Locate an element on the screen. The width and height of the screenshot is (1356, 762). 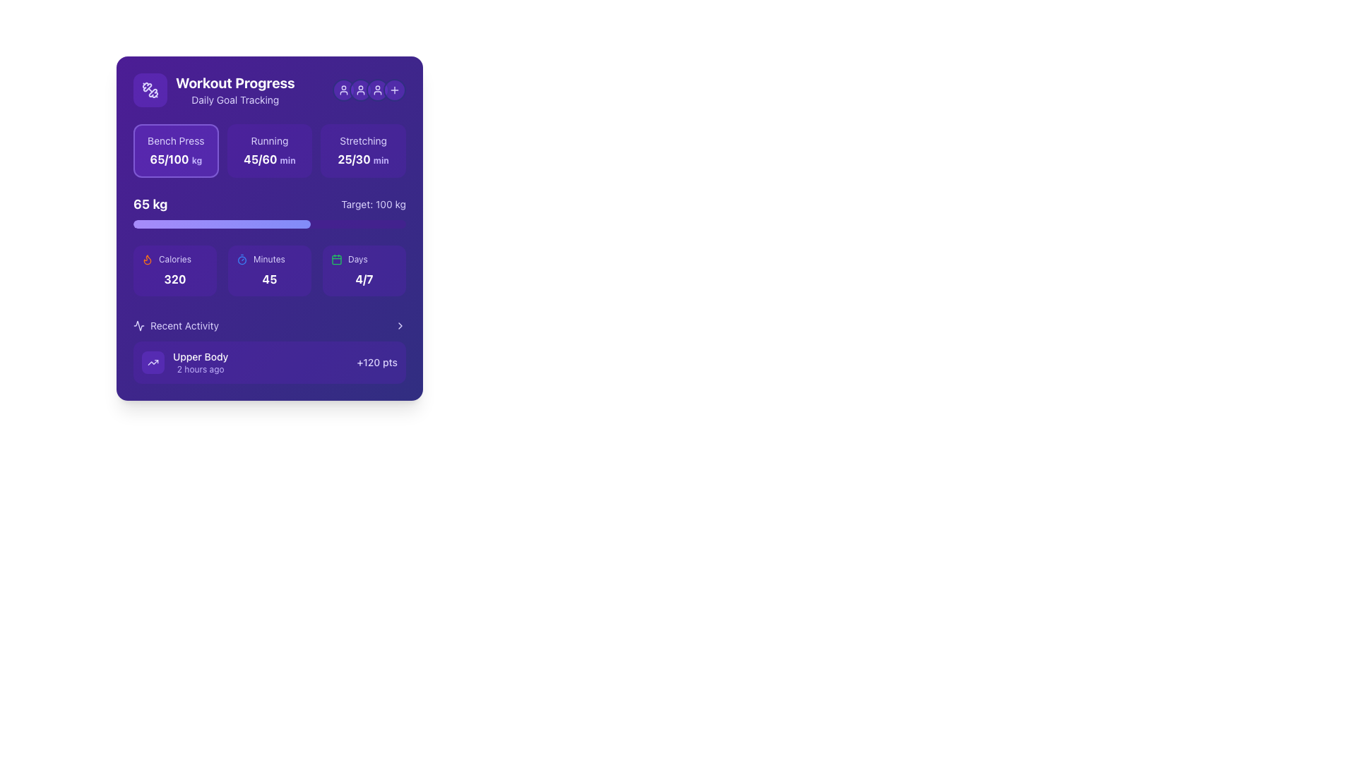
the label or text component that describes 'Upper Body', located above the element displaying '2 hours ago' in the 'Recent Activity' section is located at coordinates (200, 356).